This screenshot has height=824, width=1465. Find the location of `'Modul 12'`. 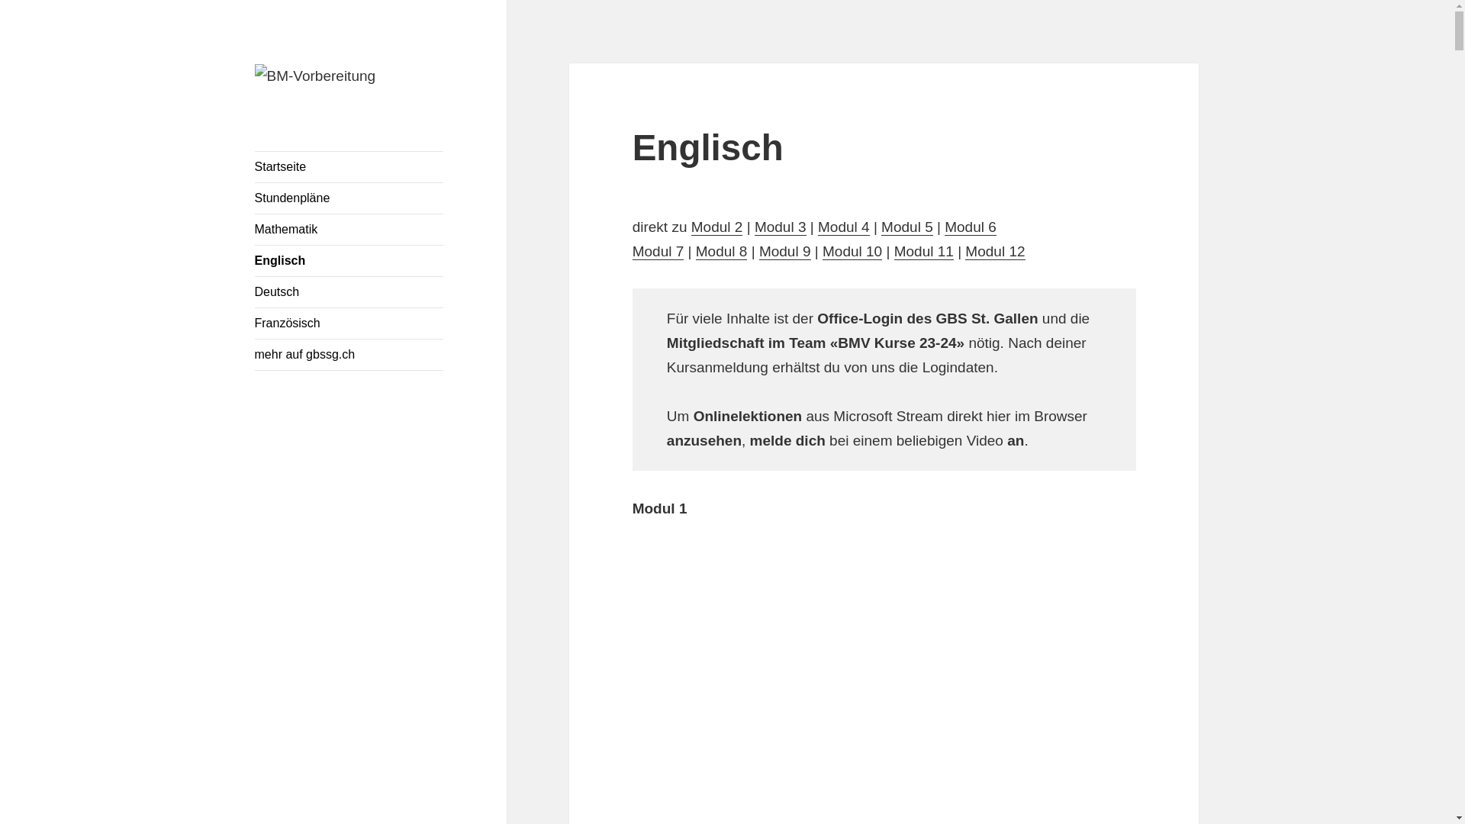

'Modul 12' is located at coordinates (995, 251).